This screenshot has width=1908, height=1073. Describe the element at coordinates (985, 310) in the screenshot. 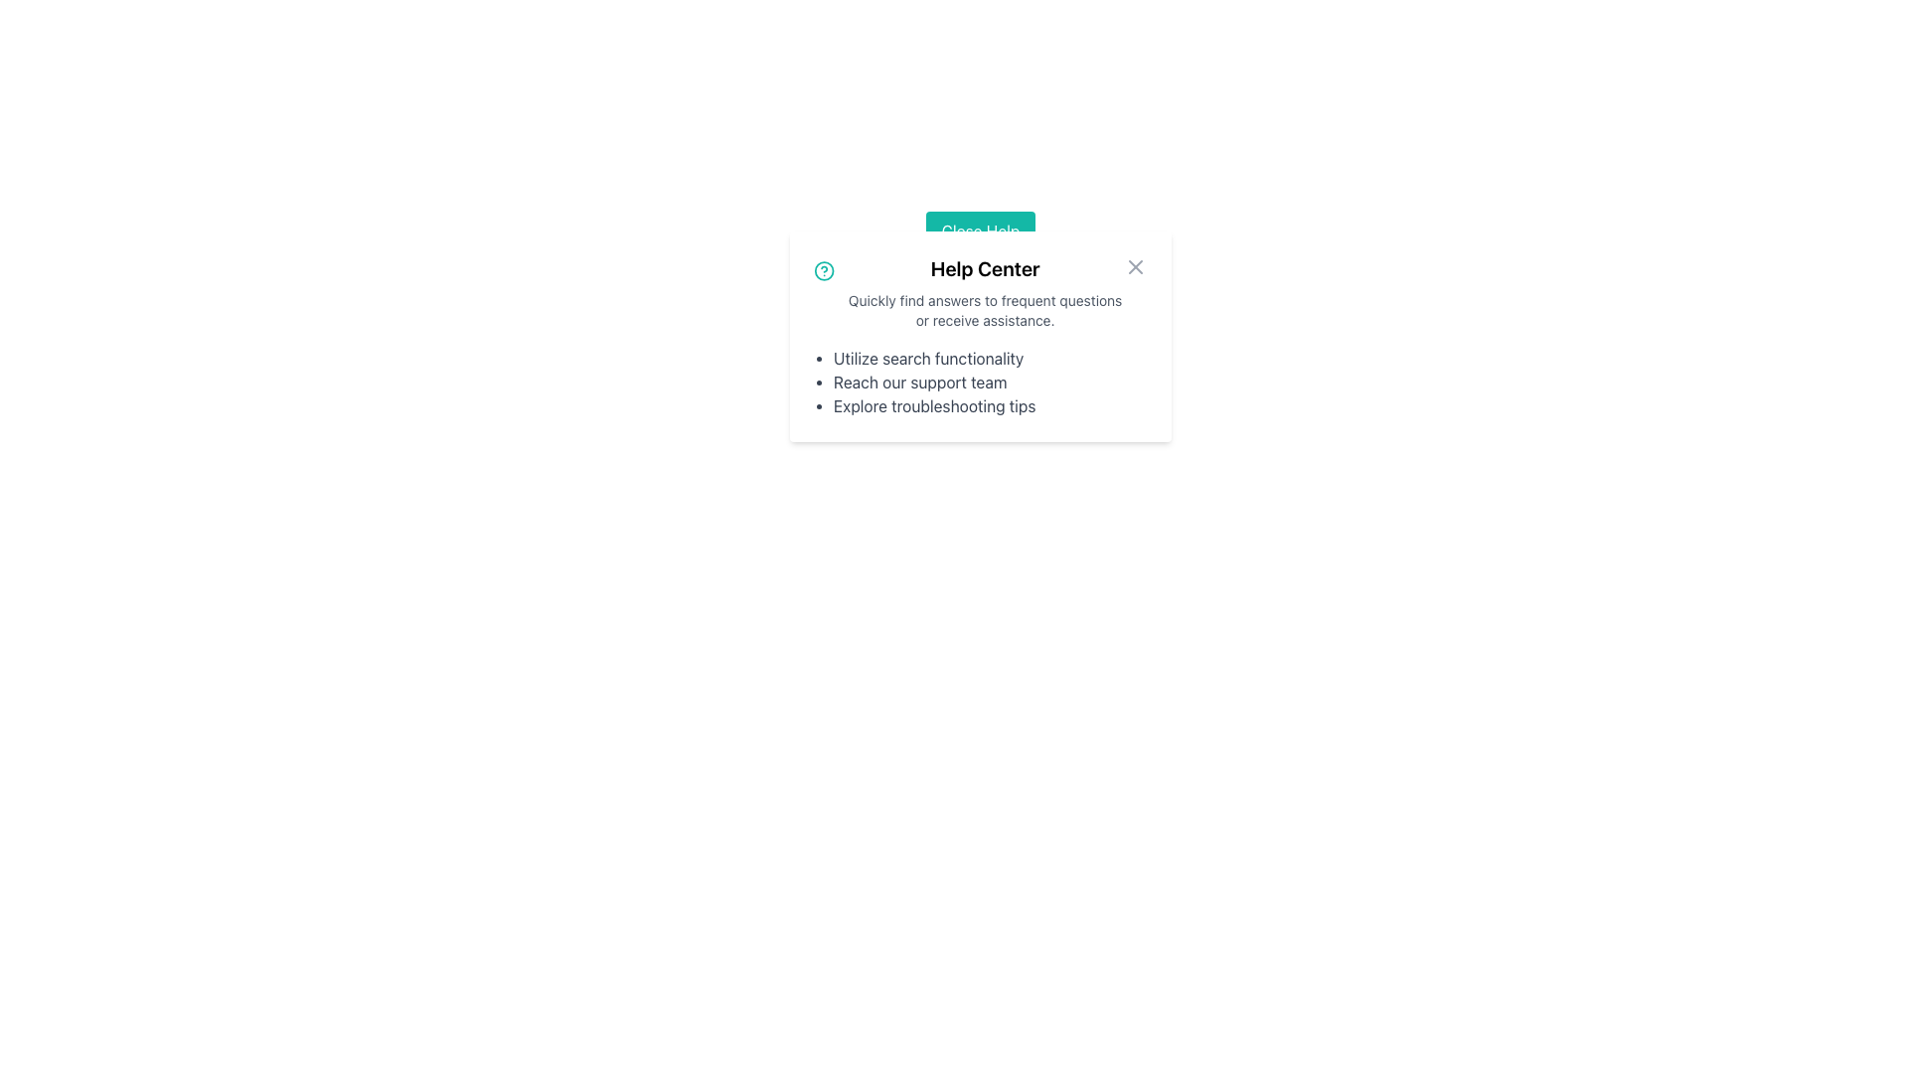

I see `the descriptive text label located under the title in the 'Help Center' section, which provides contextual information about the section's purpose` at that location.